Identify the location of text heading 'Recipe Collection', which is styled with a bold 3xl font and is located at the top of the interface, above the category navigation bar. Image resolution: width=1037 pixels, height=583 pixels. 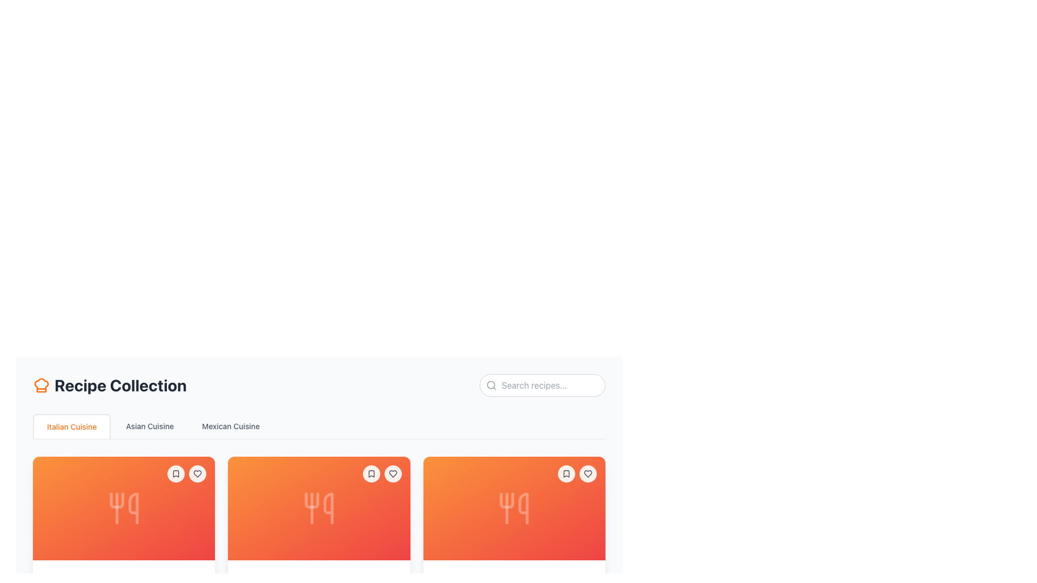
(110, 384).